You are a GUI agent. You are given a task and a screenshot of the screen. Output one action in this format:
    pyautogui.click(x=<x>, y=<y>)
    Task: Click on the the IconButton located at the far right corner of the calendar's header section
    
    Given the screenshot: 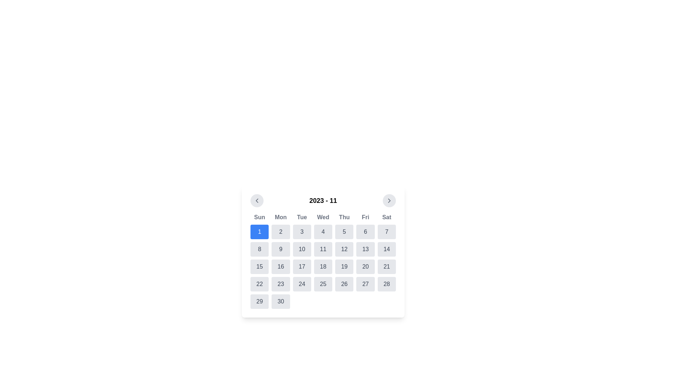 What is the action you would take?
    pyautogui.click(x=389, y=200)
    